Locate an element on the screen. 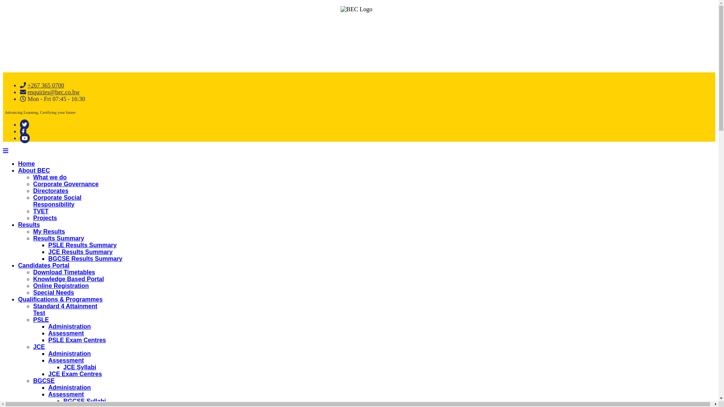  'My Results' is located at coordinates (48, 231).